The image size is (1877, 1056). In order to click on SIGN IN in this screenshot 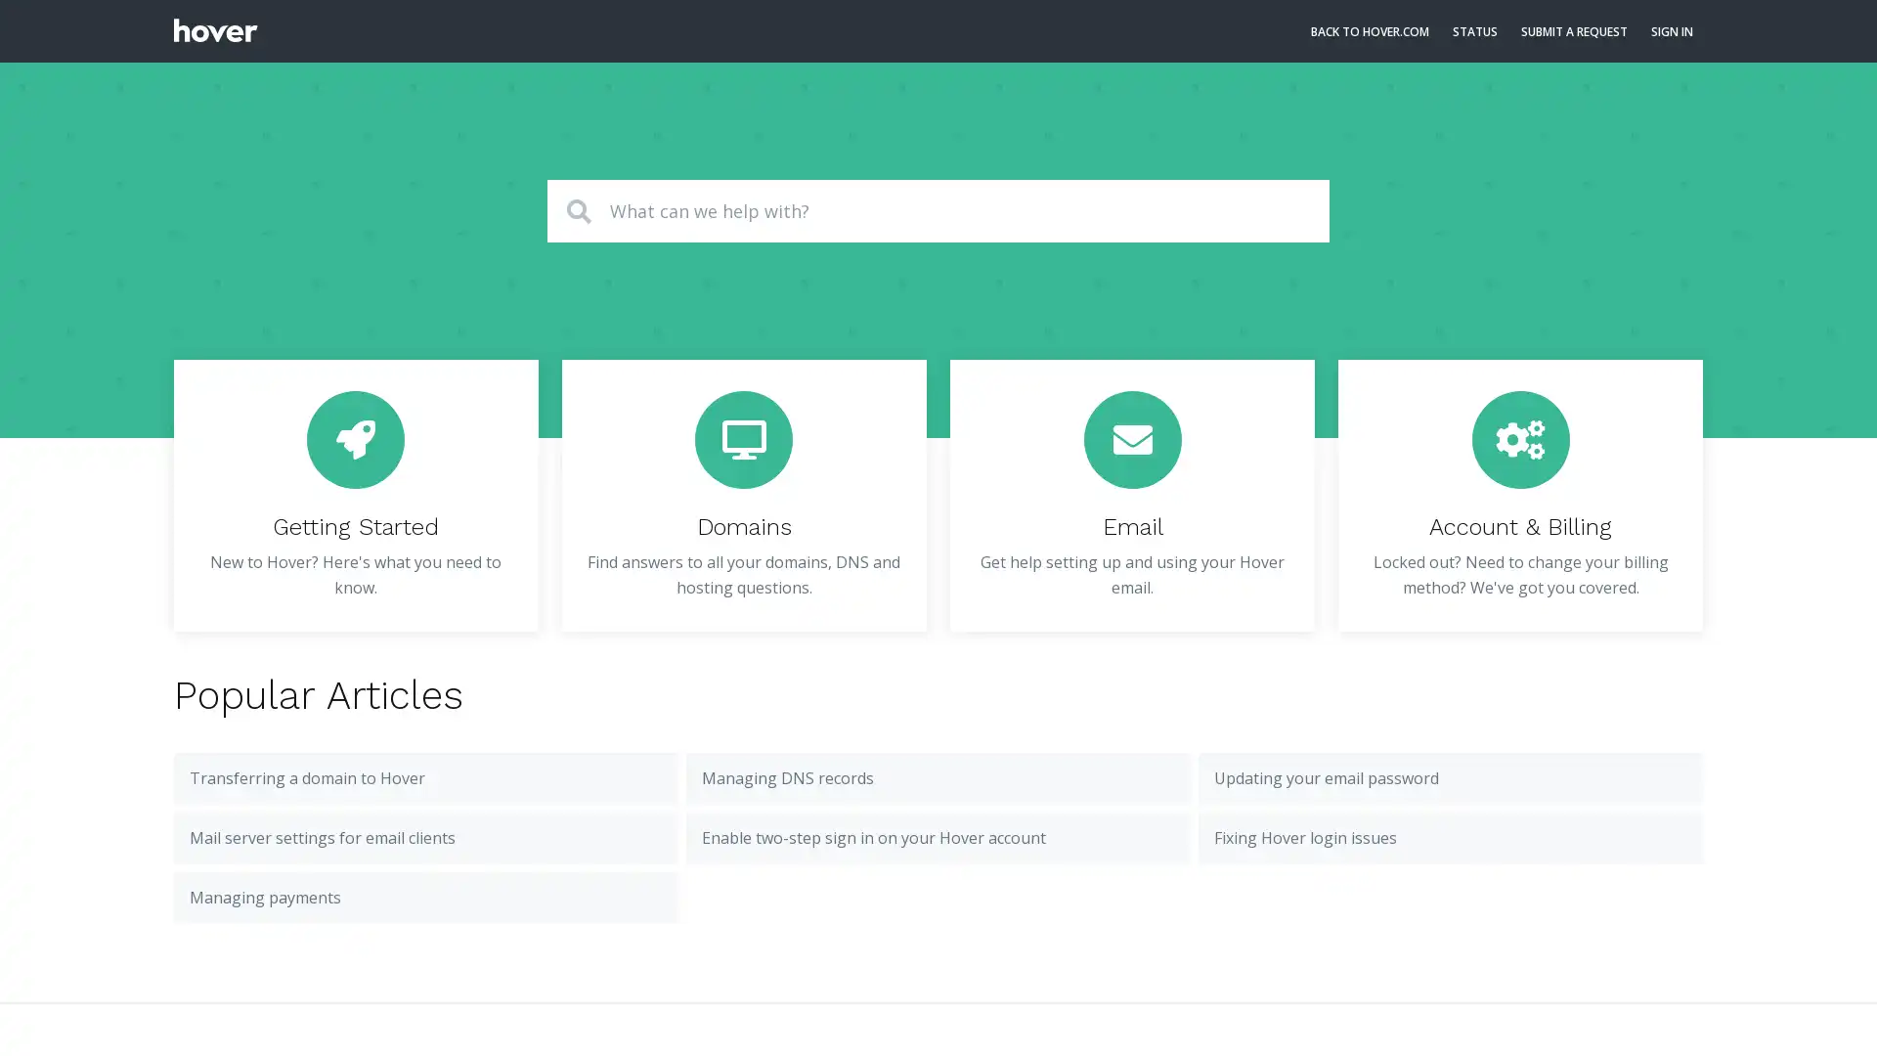, I will do `click(1671, 32)`.